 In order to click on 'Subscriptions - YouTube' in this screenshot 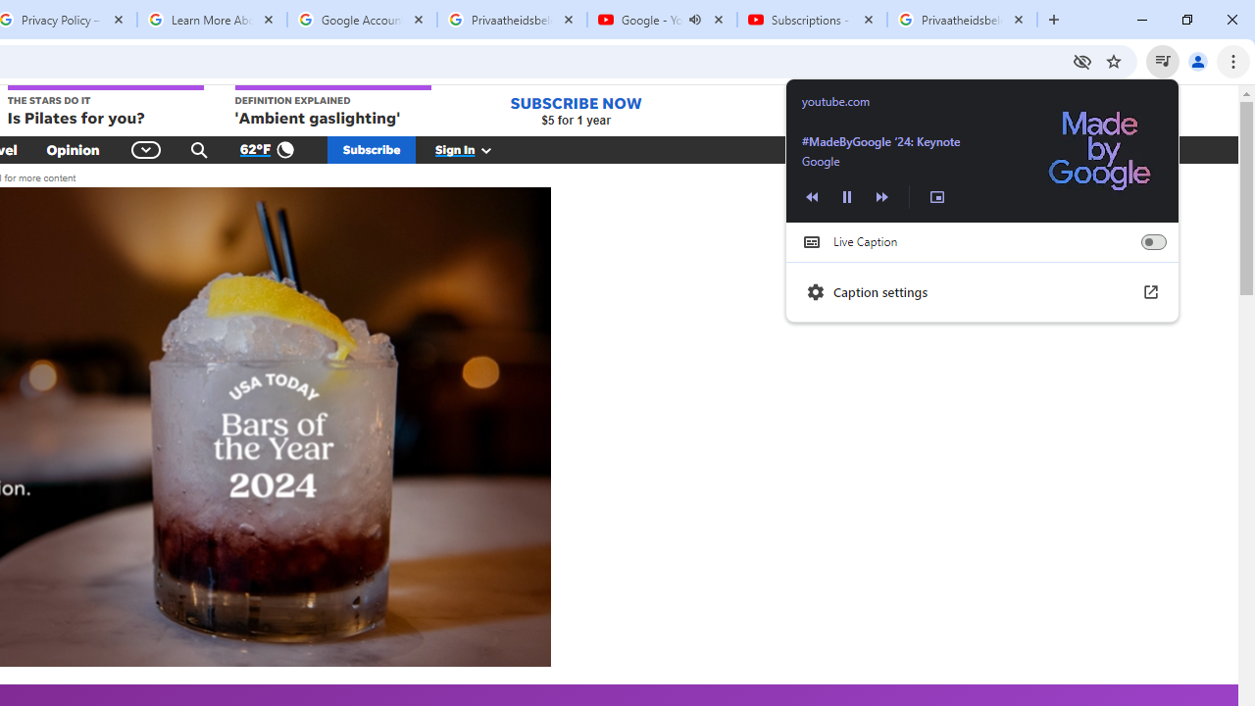, I will do `click(812, 20)`.